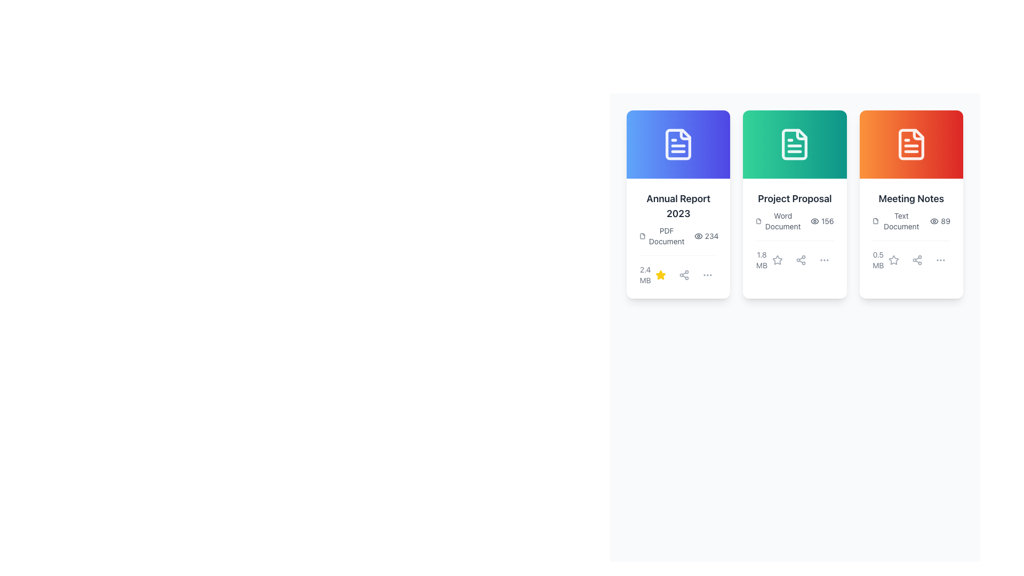 The height and width of the screenshot is (576, 1024). What do you see at coordinates (916, 260) in the screenshot?
I see `the sharing network icon, which is a small gray button with three interconnected circles and lines, located in the bottom-right section of the 'Meeting Notes' card` at bounding box center [916, 260].